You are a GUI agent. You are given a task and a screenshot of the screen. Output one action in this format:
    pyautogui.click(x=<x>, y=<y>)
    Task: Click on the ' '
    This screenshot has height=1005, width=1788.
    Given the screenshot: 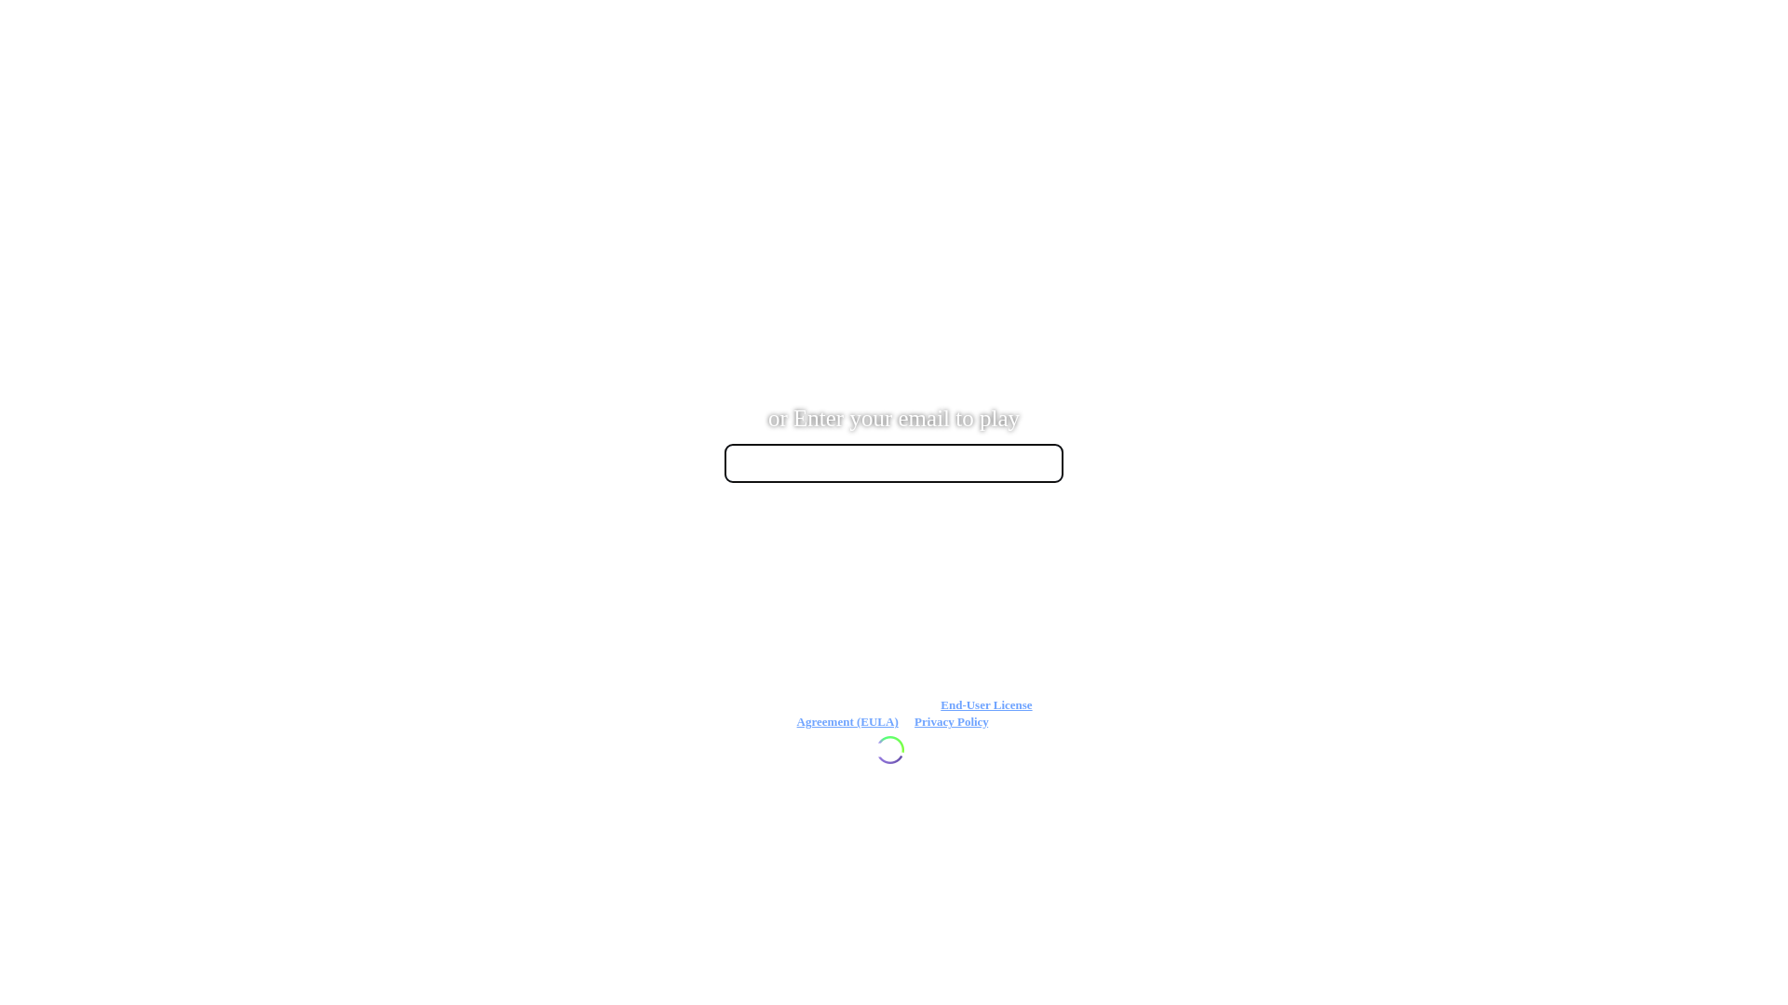 What is the action you would take?
    pyautogui.click(x=892, y=591)
    